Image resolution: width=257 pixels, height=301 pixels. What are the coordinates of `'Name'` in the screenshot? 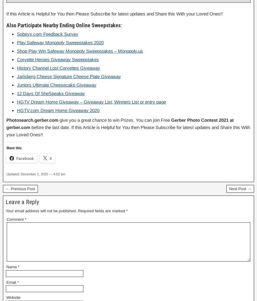 It's located at (12, 267).